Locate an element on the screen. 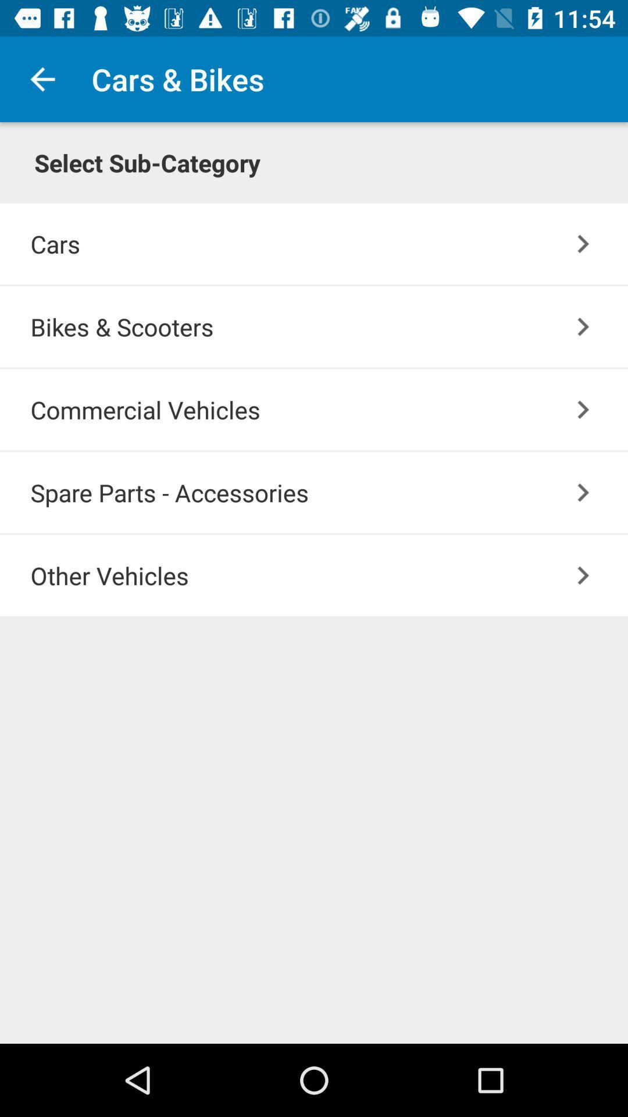  the item to the left of cars & bikes icon is located at coordinates (42, 79).